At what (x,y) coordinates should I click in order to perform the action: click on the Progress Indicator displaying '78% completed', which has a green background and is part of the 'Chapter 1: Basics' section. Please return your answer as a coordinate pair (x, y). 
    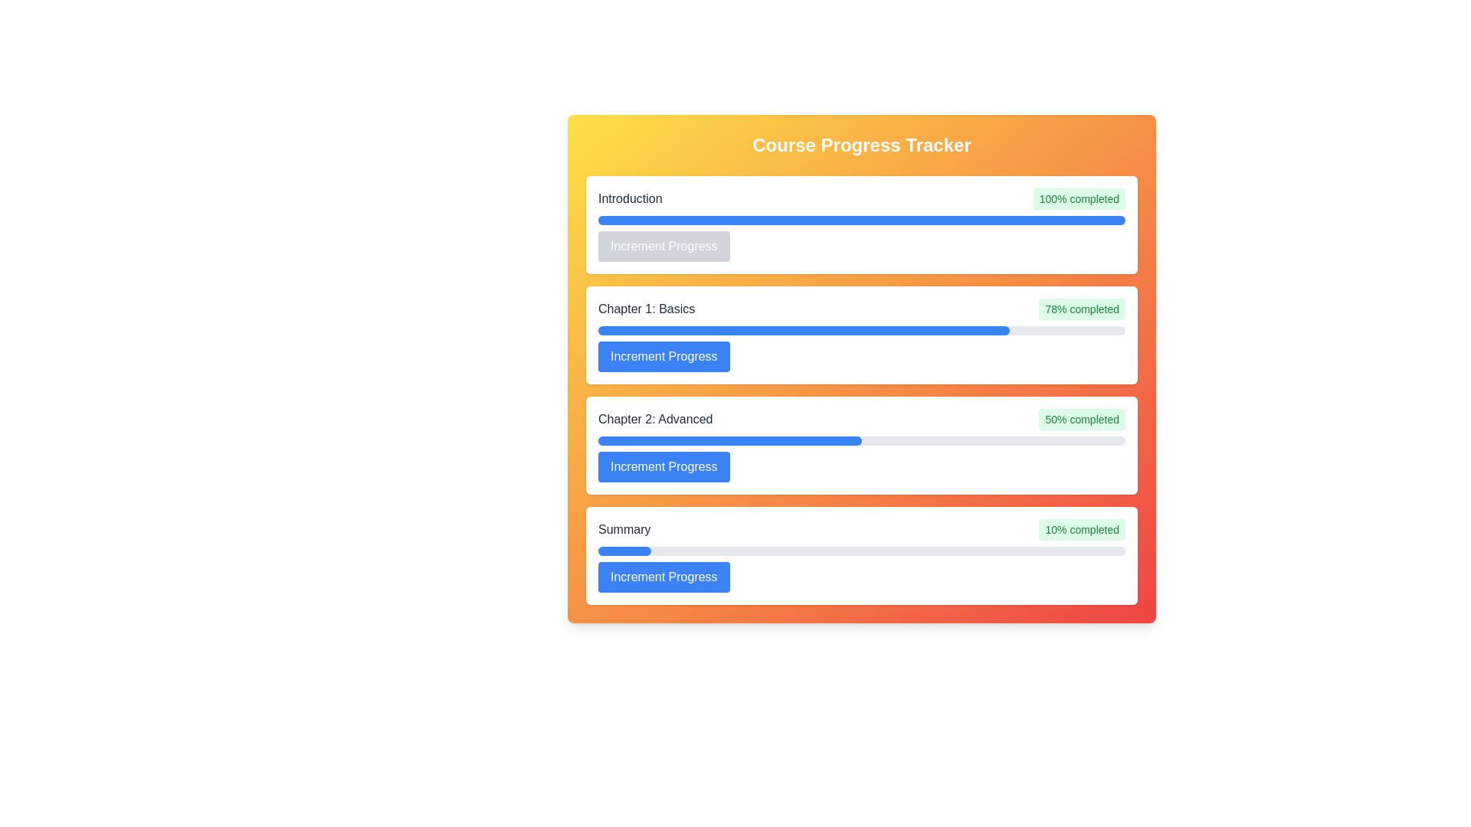
    Looking at the image, I should click on (1081, 309).